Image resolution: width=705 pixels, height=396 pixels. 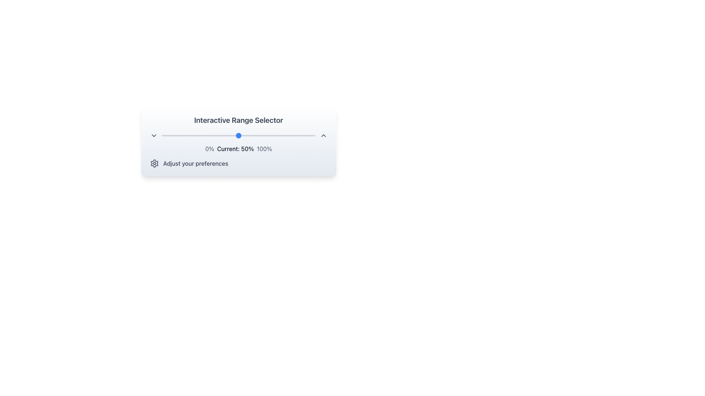 What do you see at coordinates (196, 163) in the screenshot?
I see `the text label displaying 'Adjust your preferences', which is styled in medium font weight and gray color, located to the right of the gear icon` at bounding box center [196, 163].